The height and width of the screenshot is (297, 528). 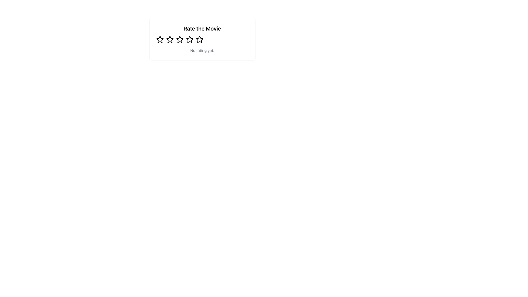 I want to click on the fourth Rating Star Icon in the rating system, so click(x=199, y=39).